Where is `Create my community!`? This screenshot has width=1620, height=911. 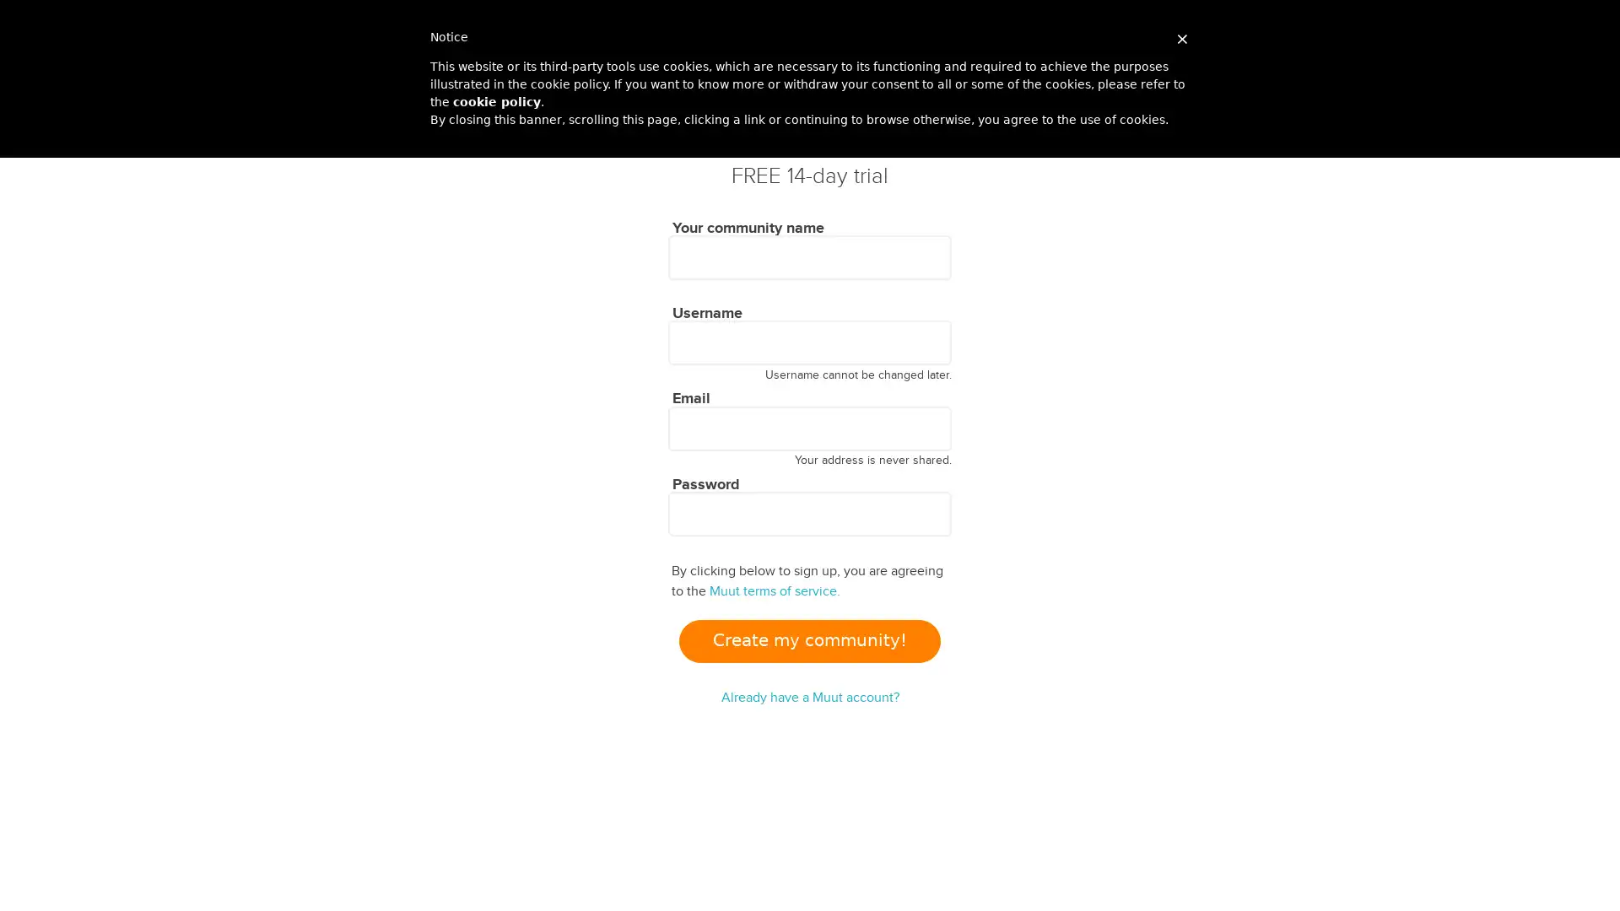 Create my community! is located at coordinates (808, 640).